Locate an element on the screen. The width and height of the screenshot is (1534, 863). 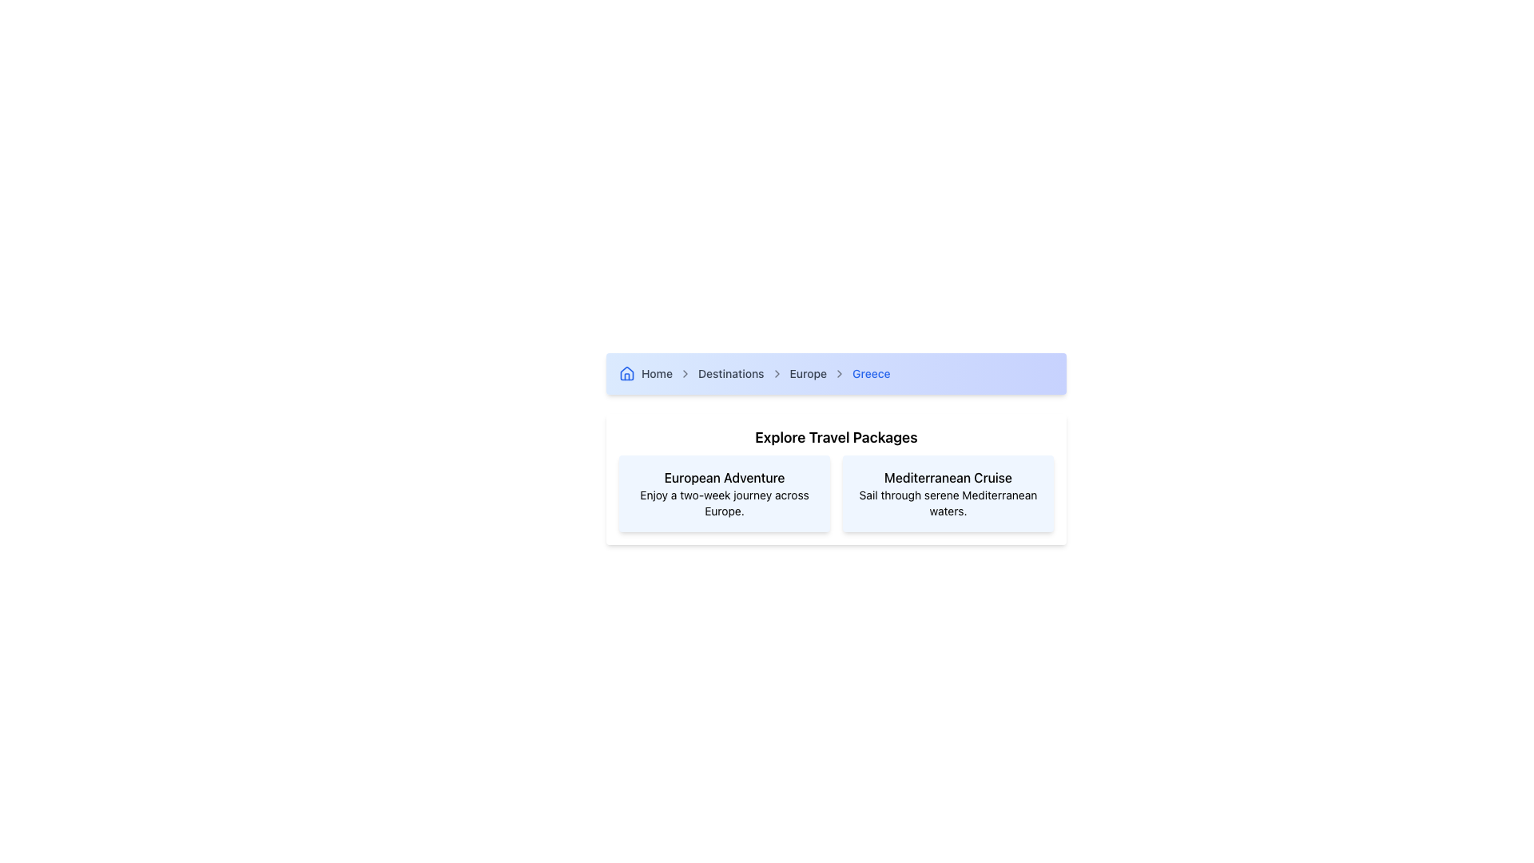
the 'Home' icon located at the top-center of the interface is located at coordinates (626, 373).